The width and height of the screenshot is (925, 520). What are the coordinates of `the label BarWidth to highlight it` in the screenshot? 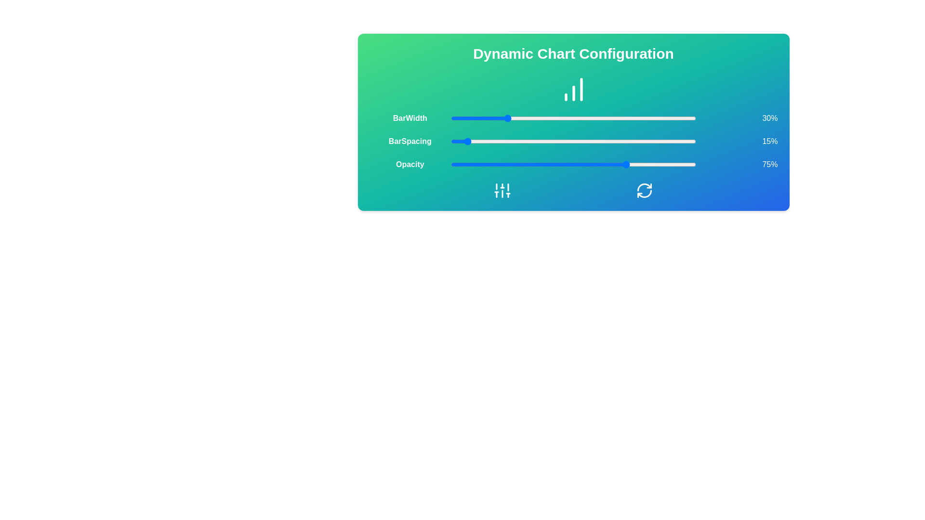 It's located at (410, 118).